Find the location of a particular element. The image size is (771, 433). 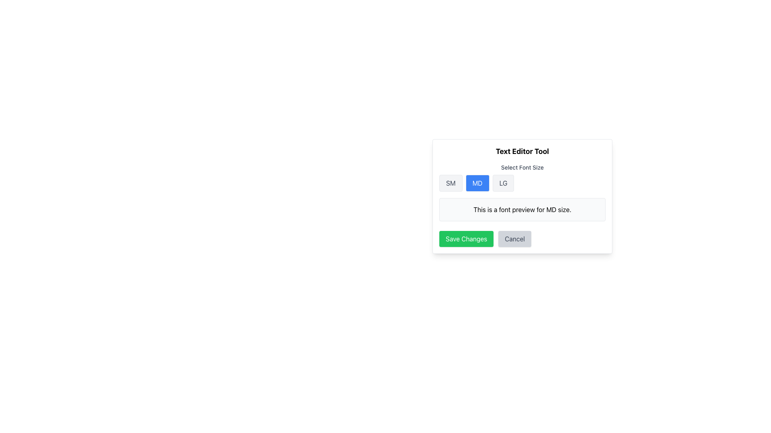

the 'Medium' font size button located in the middle of the 'Text Editor Tool' dialog box, positioned between the 'SM' and 'LG' buttons is located at coordinates (477, 183).